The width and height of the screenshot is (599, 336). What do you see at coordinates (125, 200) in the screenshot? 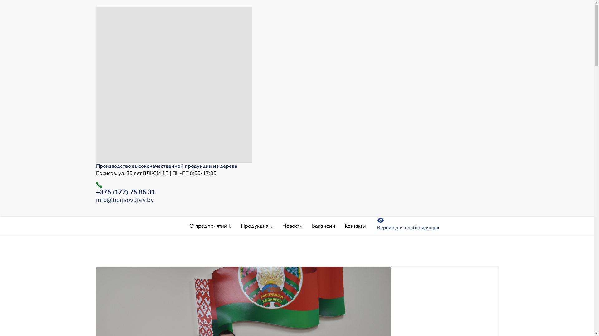
I see `'info@borisovdrev.by'` at bounding box center [125, 200].